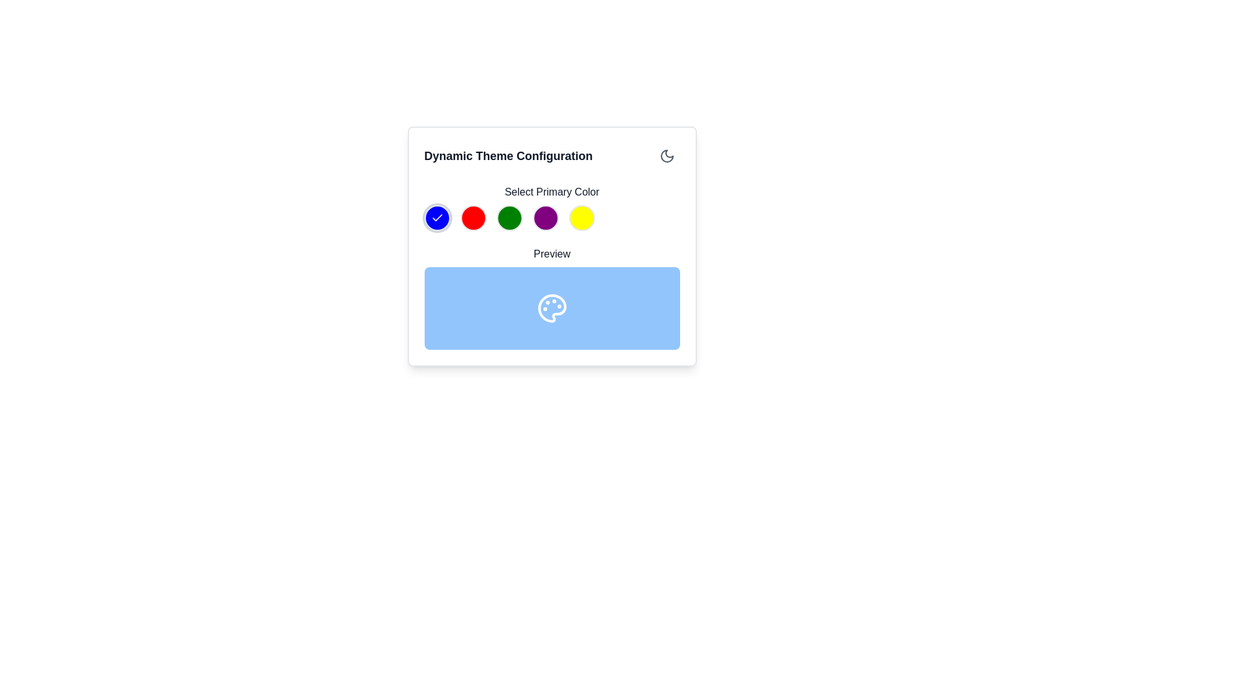 The width and height of the screenshot is (1239, 697). Describe the element at coordinates (472, 217) in the screenshot. I see `the small circular button with a bright red background located second in a row of buttons under the 'Select Primary Color' label` at that location.